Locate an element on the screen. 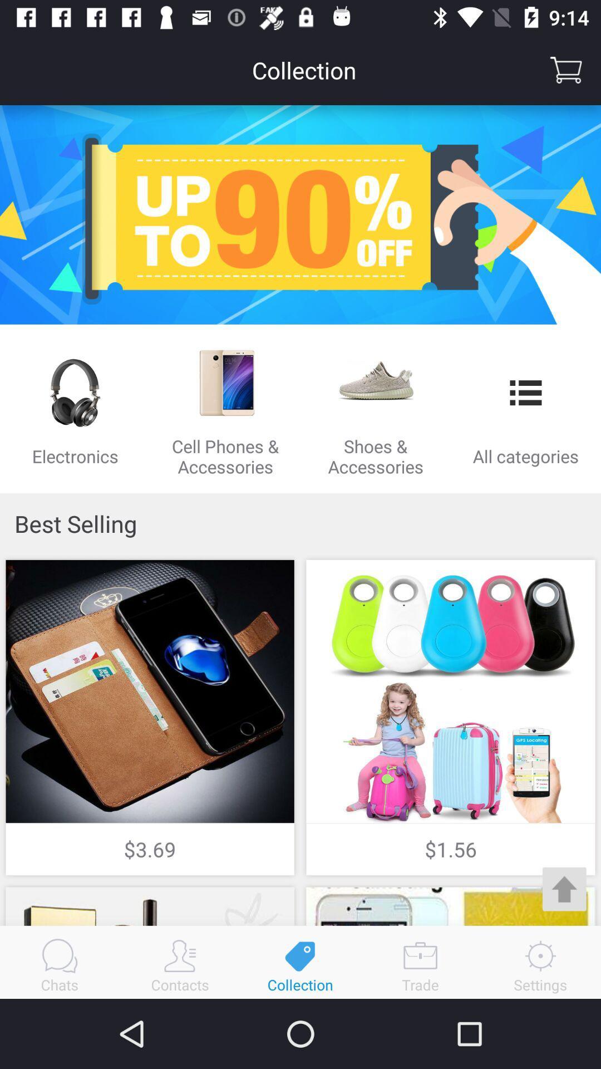 This screenshot has height=1069, width=601. the arrow_upward icon is located at coordinates (564, 889).